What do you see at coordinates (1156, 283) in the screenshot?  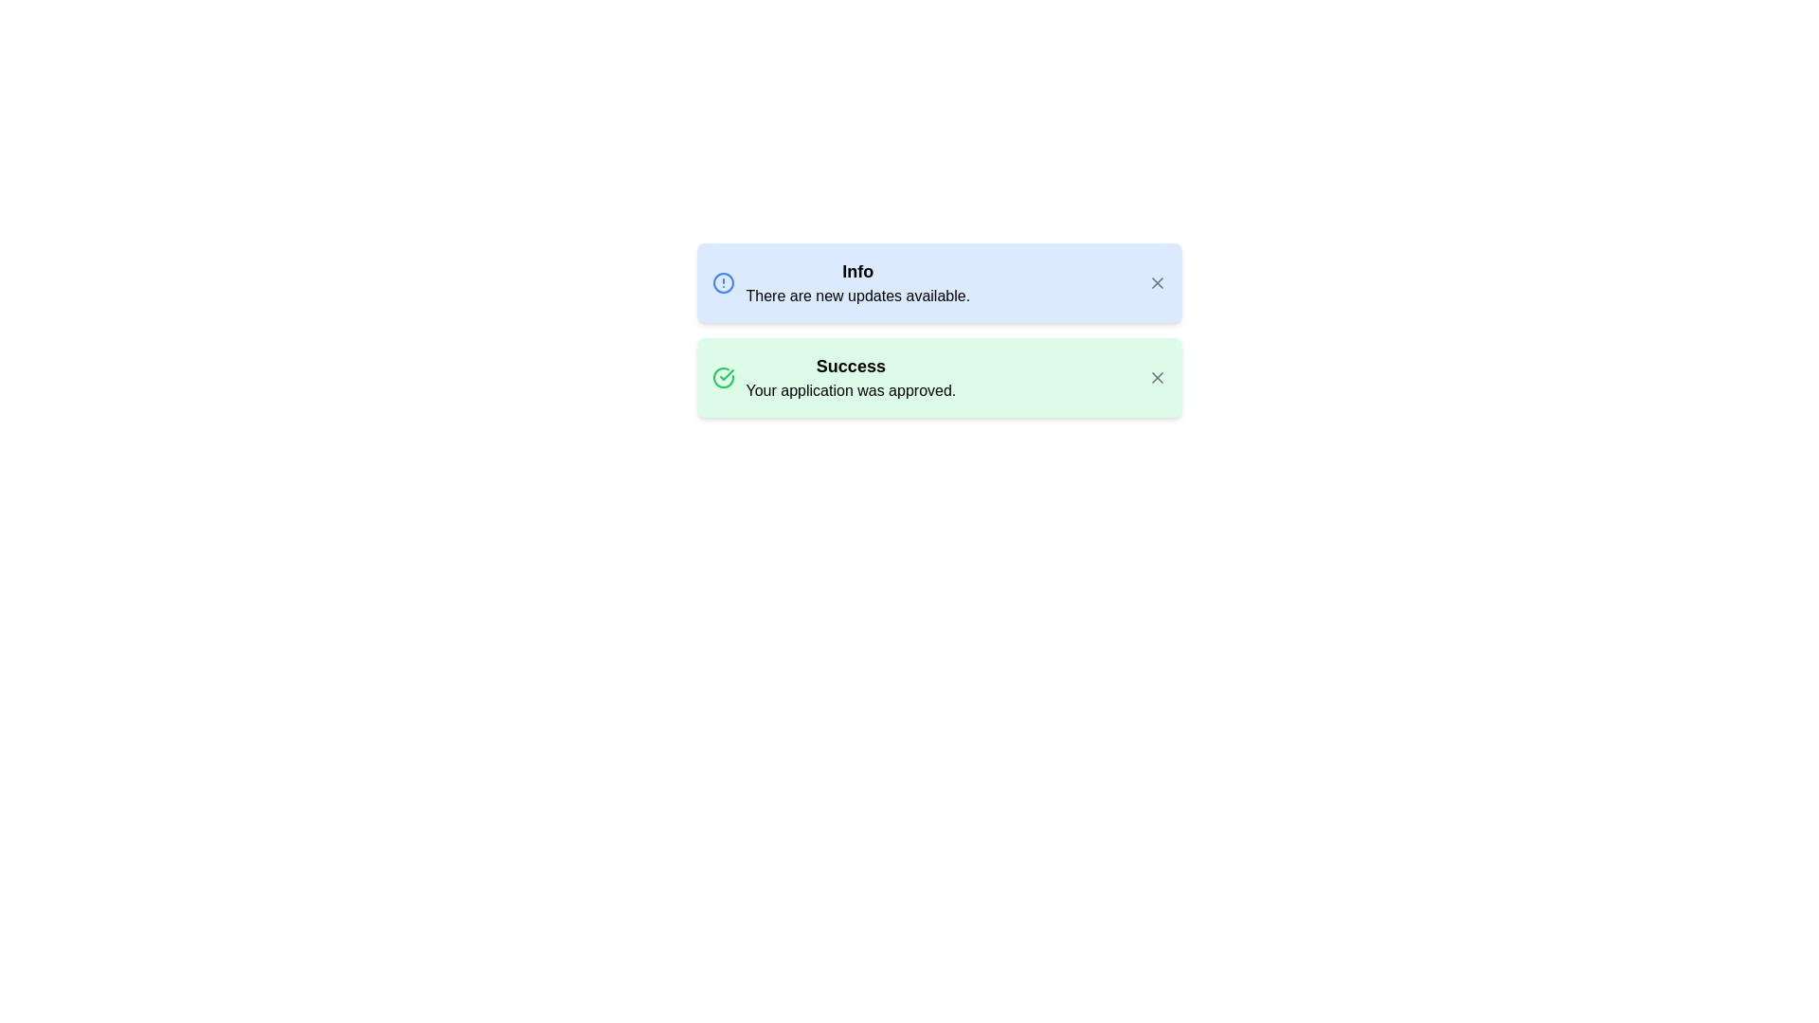 I see `the close button located on the far right-hand side of the blue notification box` at bounding box center [1156, 283].